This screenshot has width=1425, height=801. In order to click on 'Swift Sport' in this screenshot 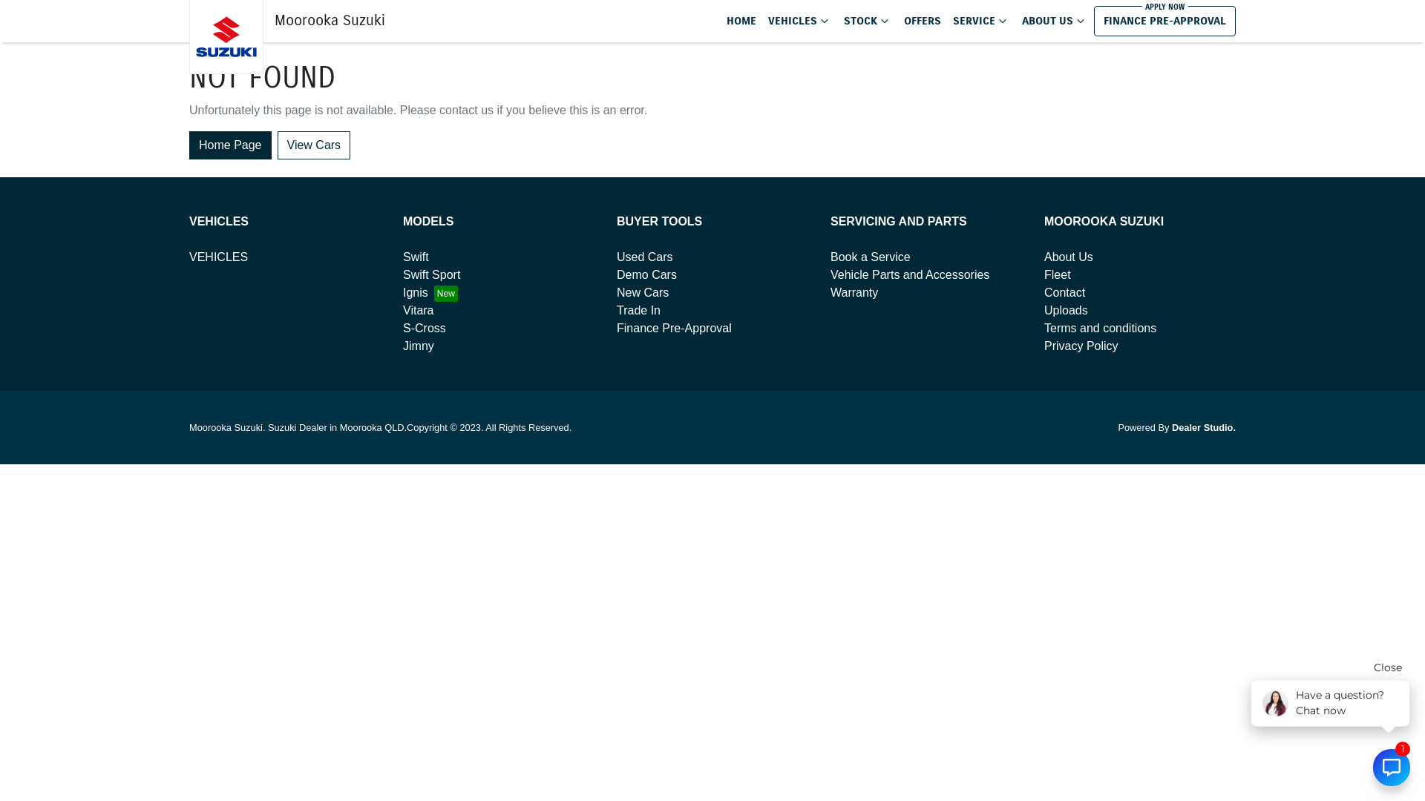, I will do `click(430, 274)`.